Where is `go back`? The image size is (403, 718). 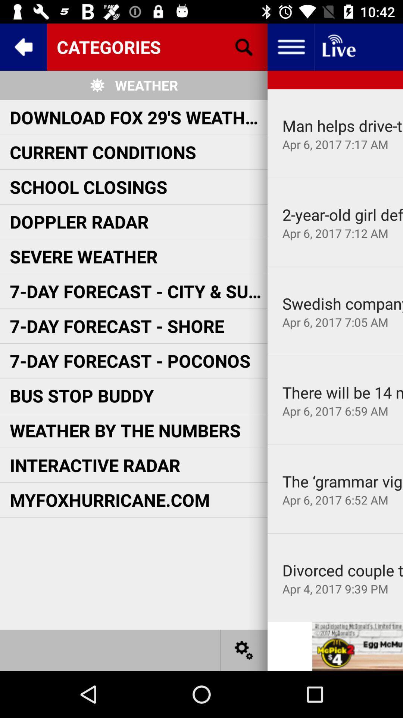
go back is located at coordinates (23, 46).